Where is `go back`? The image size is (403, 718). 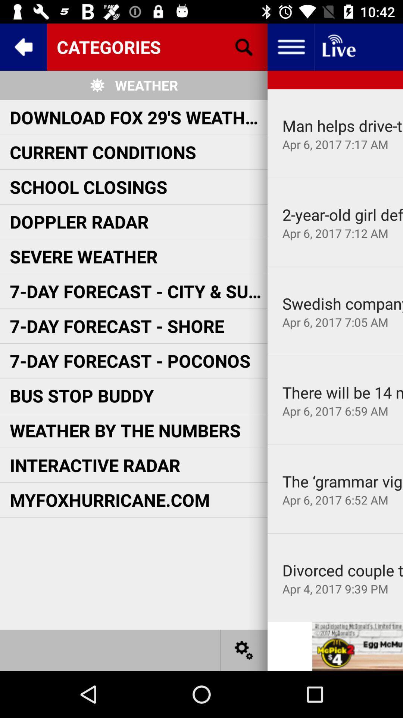
go back is located at coordinates (23, 46).